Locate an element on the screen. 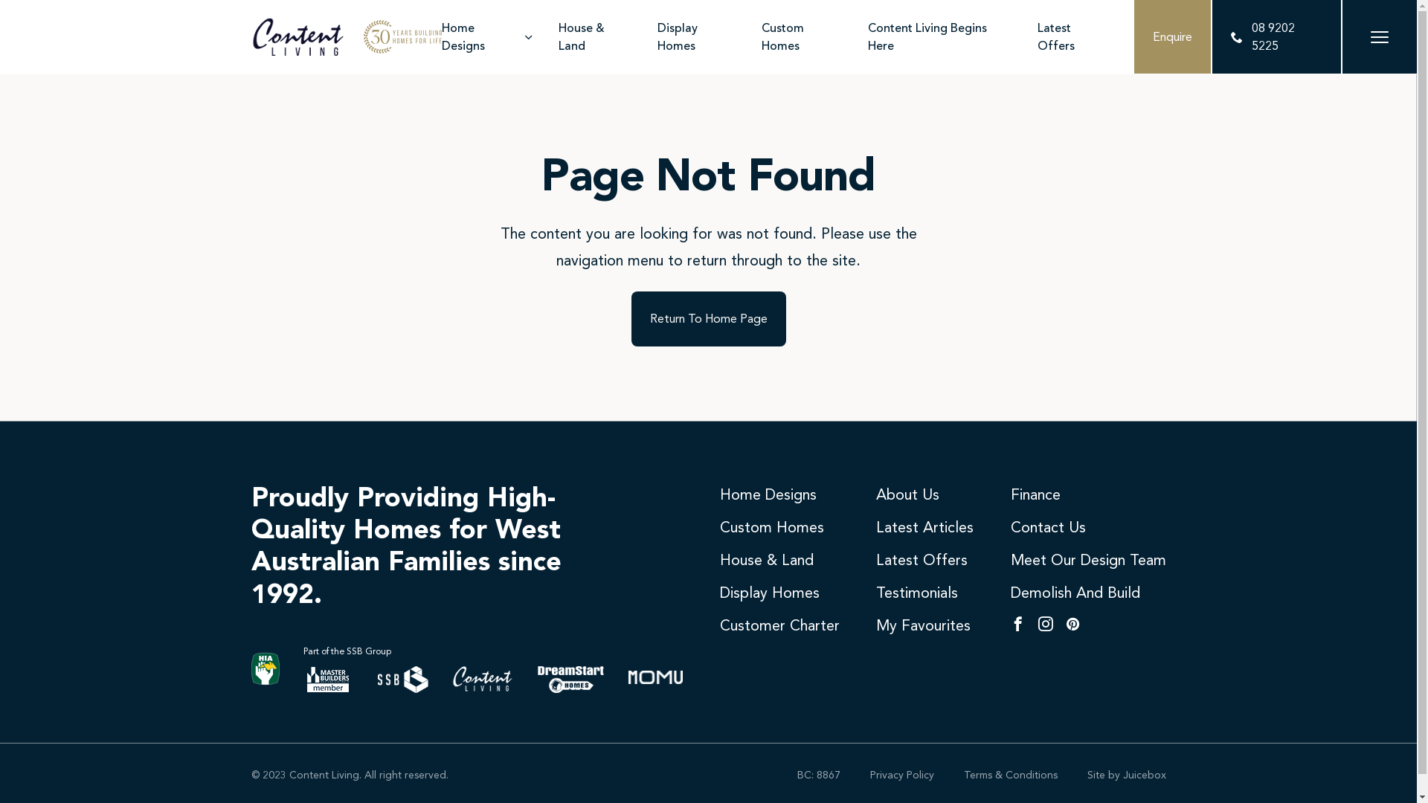  'Content Living Begins Here' is located at coordinates (940, 36).